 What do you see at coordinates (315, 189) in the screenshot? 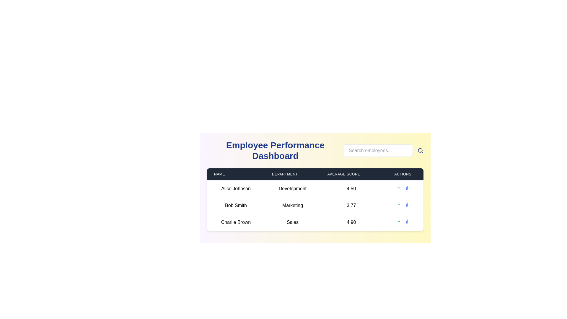
I see `details of the table row for 'Alice Johnson', which includes her name, department, and score` at bounding box center [315, 189].